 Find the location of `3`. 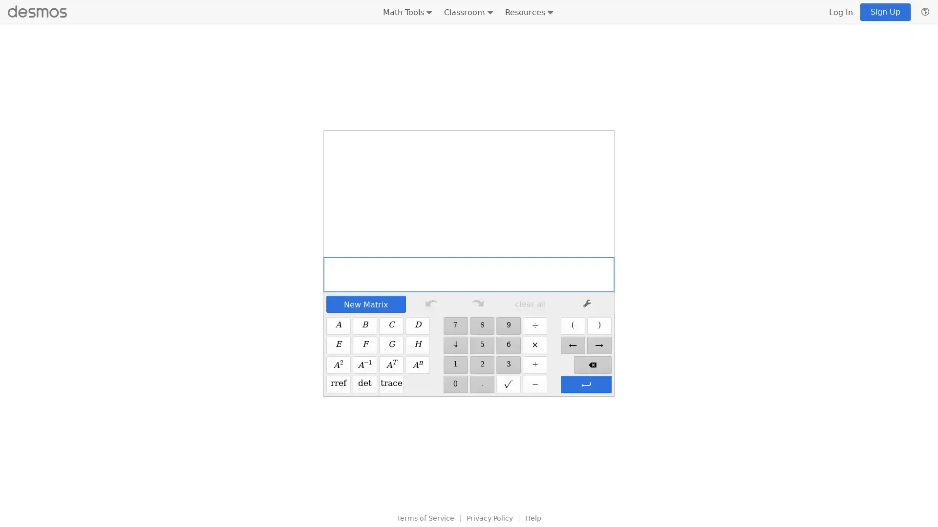

3 is located at coordinates (508, 365).